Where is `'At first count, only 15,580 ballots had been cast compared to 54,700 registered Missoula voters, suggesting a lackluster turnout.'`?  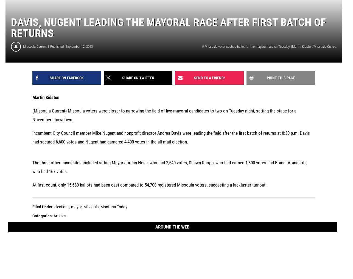 'At first count, only 15,580 ballots had been cast compared to 54,700 registered Missoula voters, suggesting a lackluster turnout.' is located at coordinates (32, 182).